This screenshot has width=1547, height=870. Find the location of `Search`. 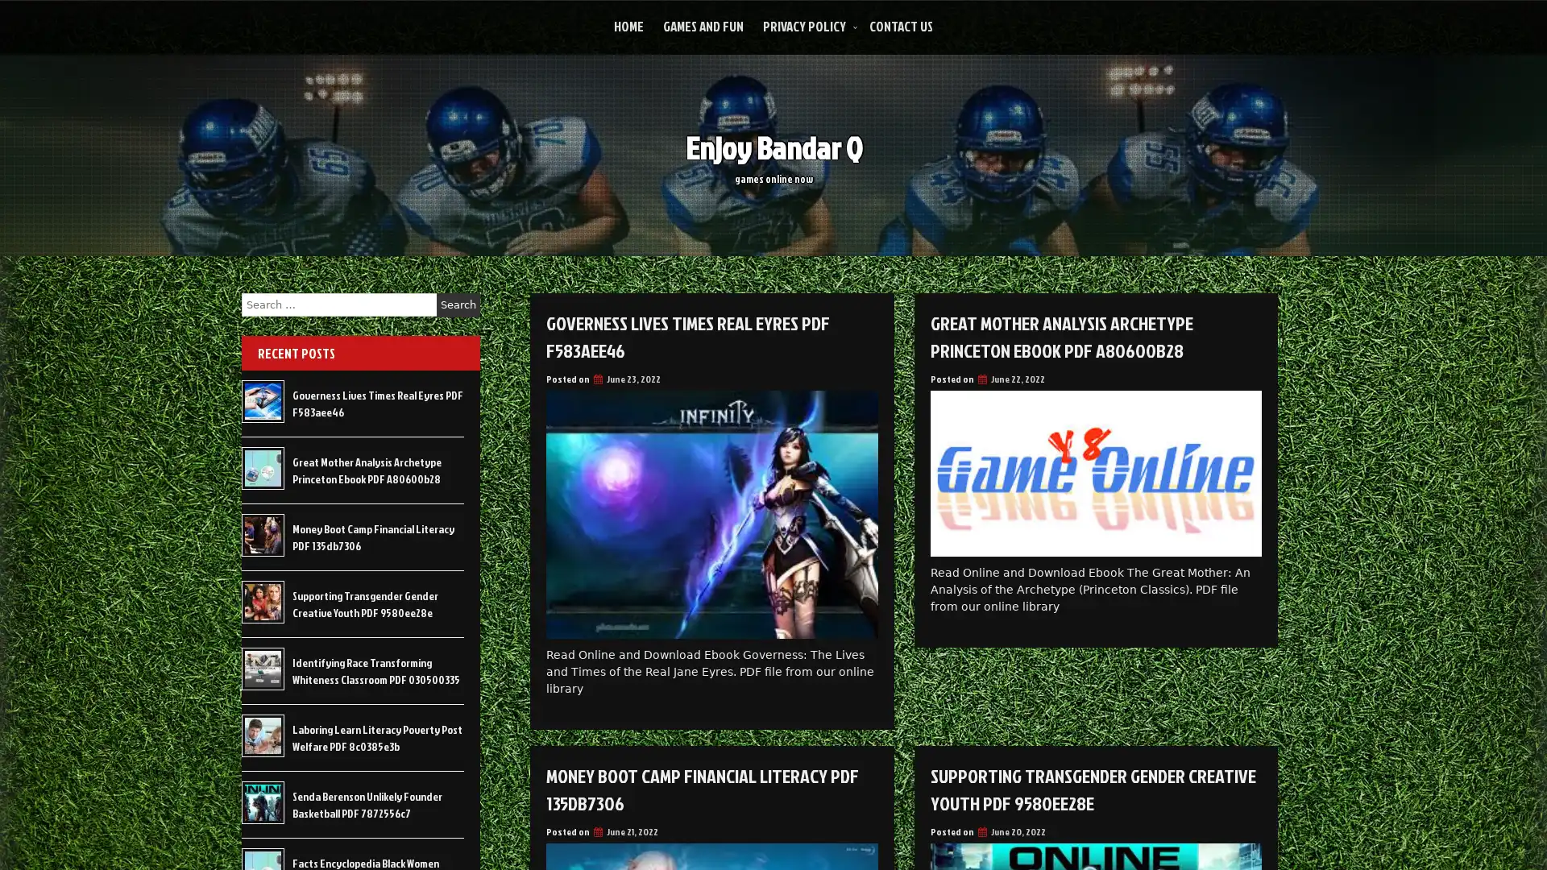

Search is located at coordinates (458, 304).